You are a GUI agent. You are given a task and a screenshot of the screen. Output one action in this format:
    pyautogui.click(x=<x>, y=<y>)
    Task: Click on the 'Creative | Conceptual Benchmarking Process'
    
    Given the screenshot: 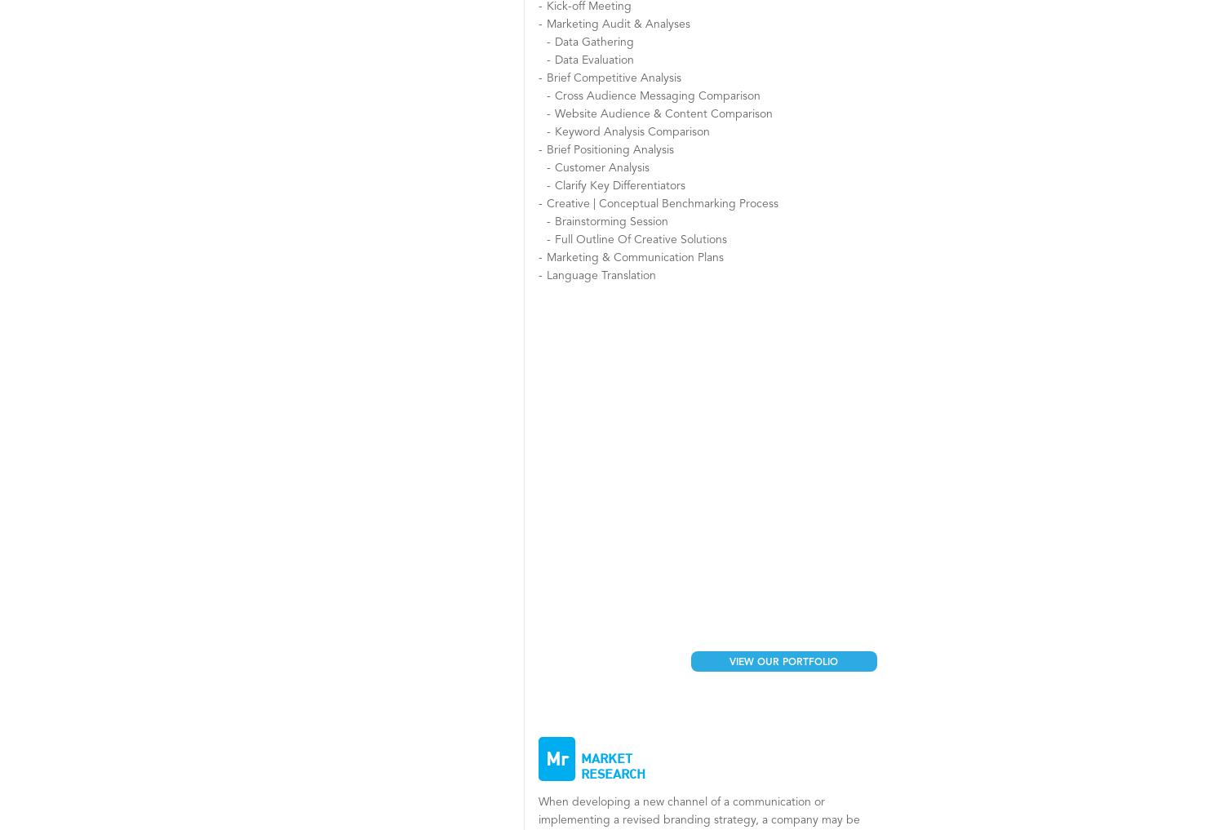 What is the action you would take?
    pyautogui.click(x=662, y=202)
    